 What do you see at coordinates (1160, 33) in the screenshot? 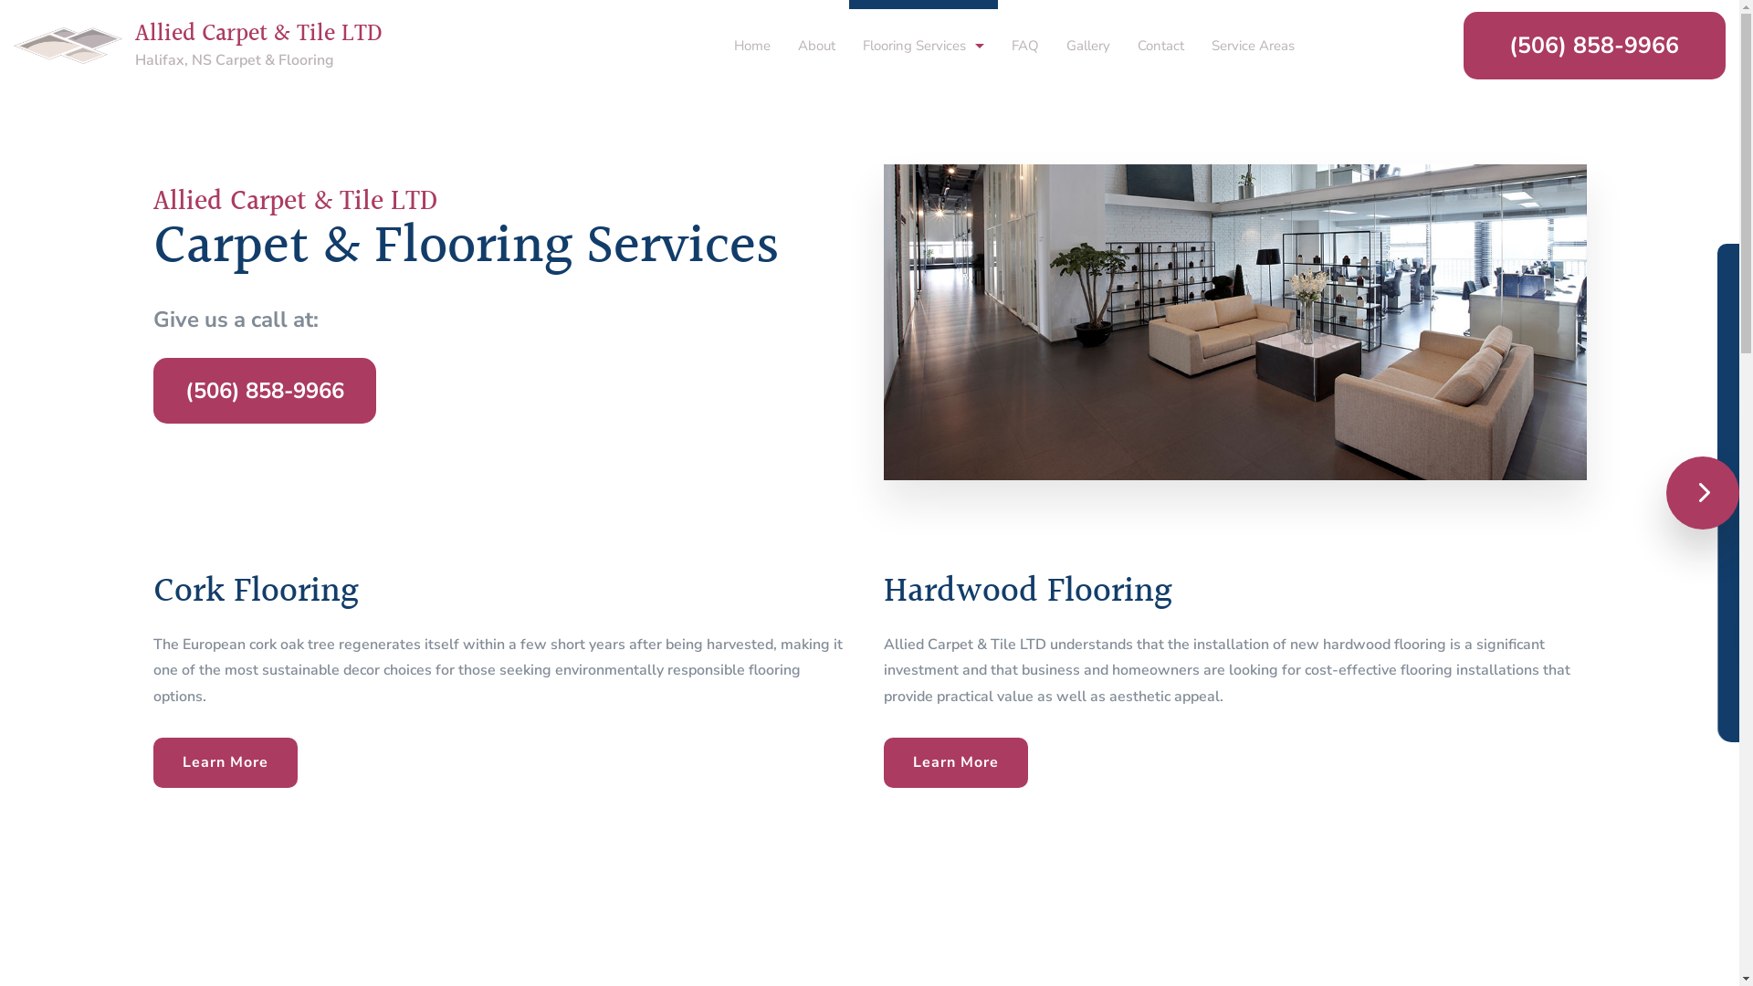
I see `'Contact'` at bounding box center [1160, 33].